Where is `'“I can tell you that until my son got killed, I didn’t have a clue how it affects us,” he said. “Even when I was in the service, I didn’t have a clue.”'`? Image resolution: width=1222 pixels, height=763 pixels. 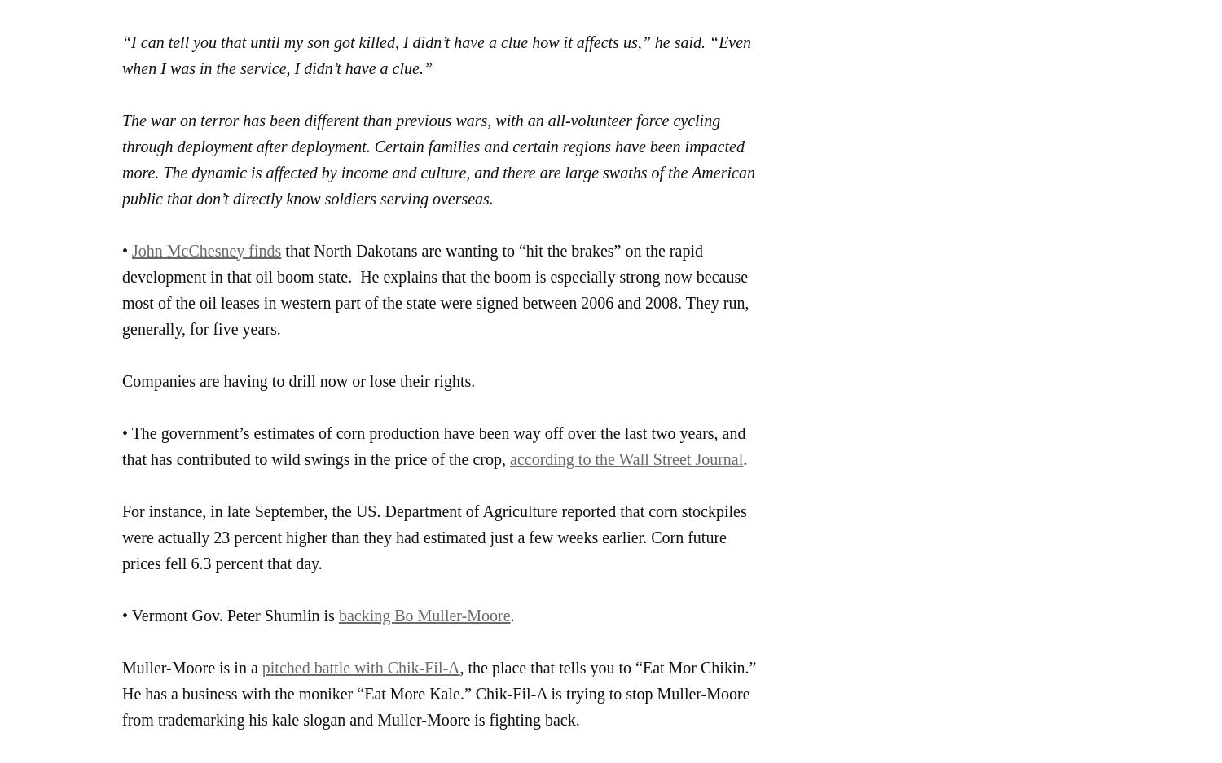 '“I can tell you that until my son got killed, I didn’t have a clue how it affects us,” he said. “Even when I was in the service, I didn’t have a clue.”' is located at coordinates (436, 54).